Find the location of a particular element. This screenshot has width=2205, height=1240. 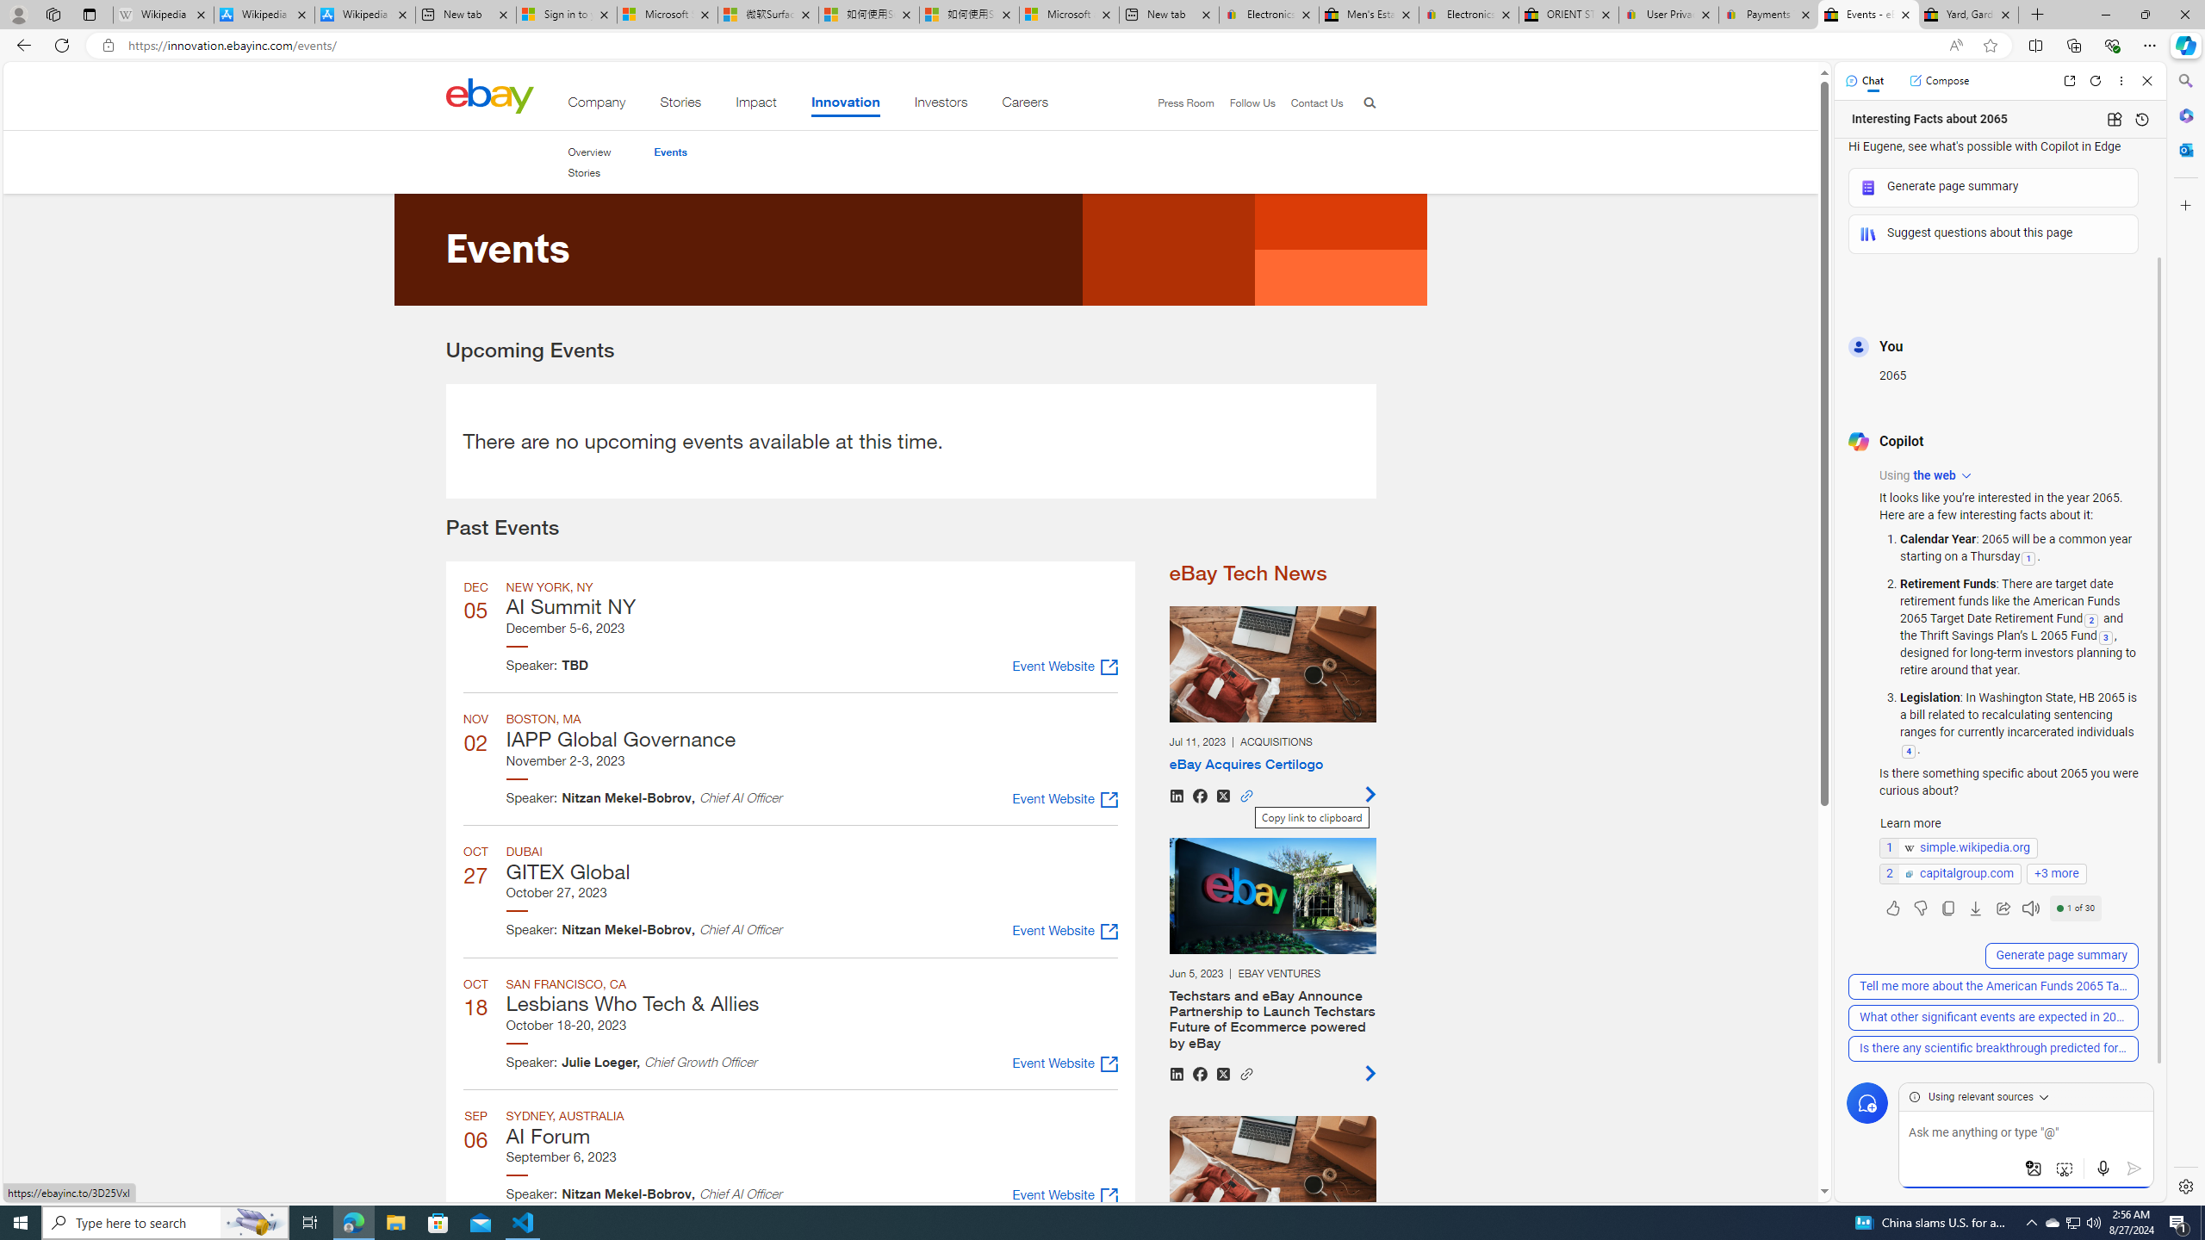

'Share on LinkedIn' is located at coordinates (1176, 1073).